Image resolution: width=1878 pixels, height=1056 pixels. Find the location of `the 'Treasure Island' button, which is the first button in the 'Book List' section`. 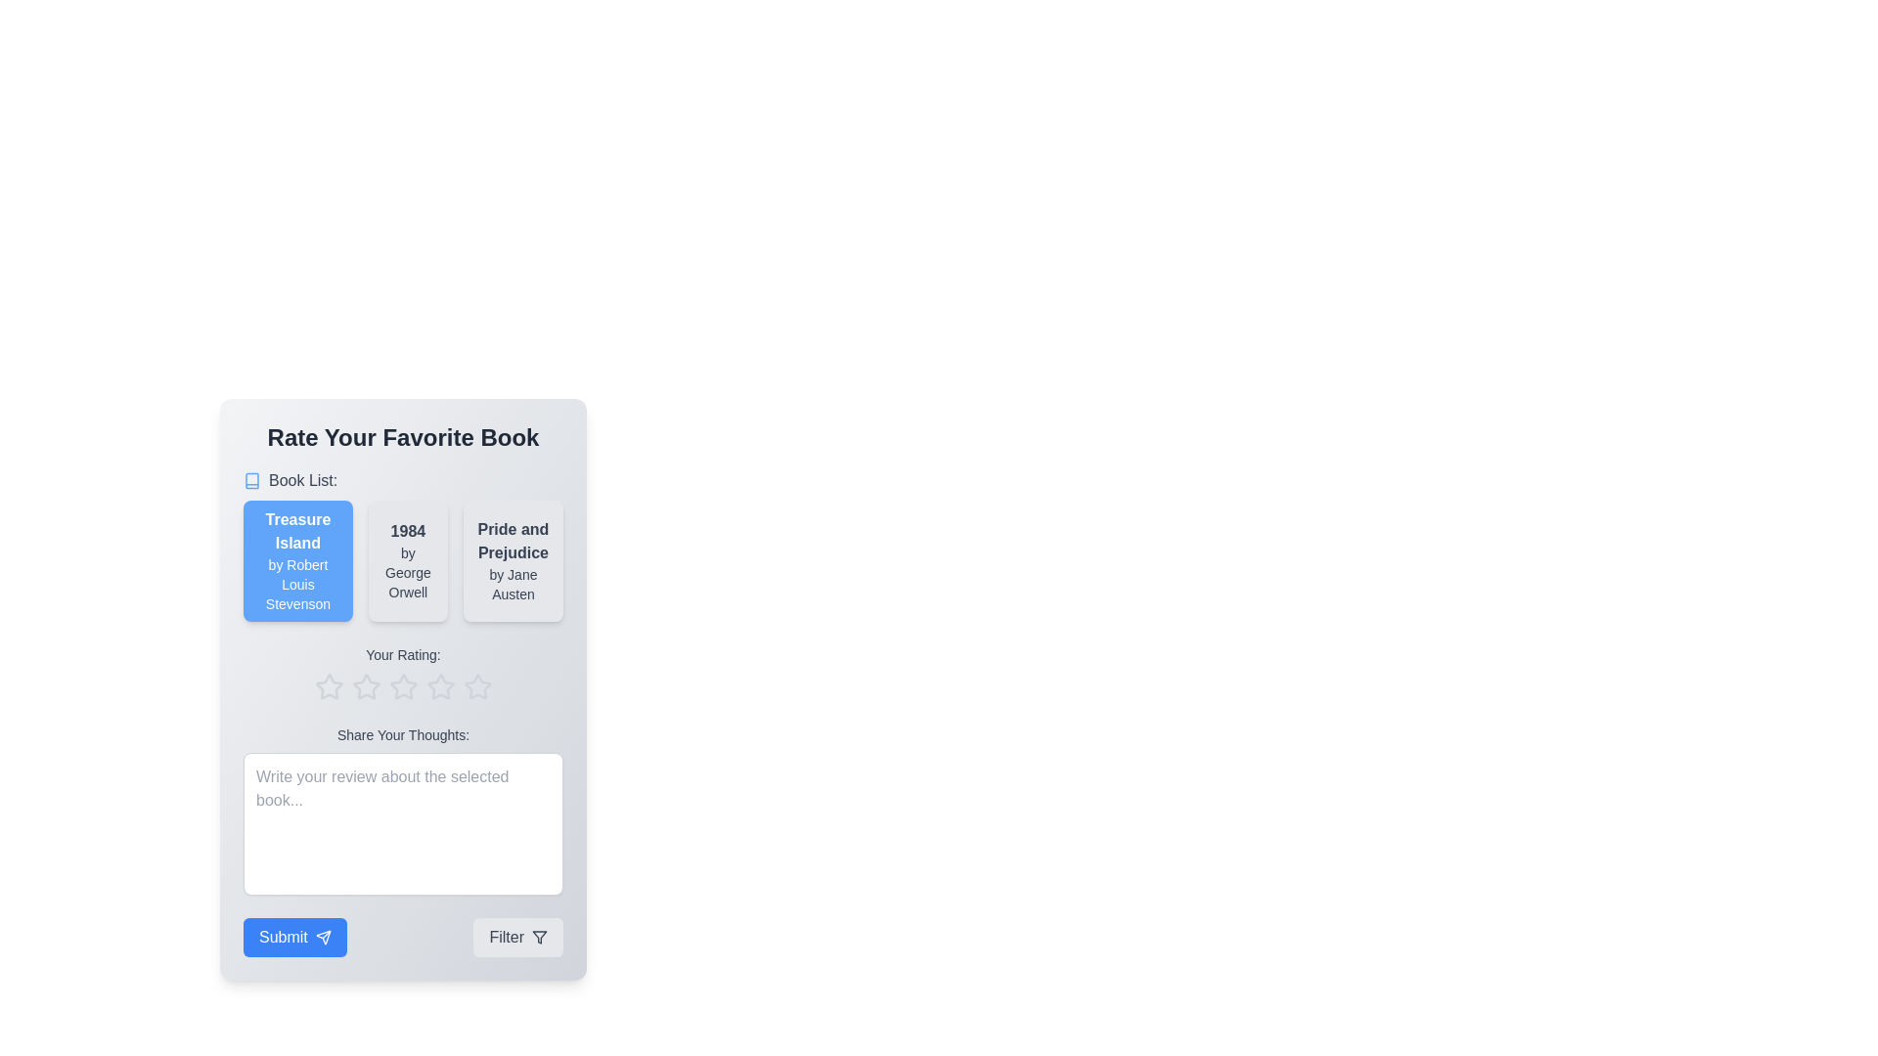

the 'Treasure Island' button, which is the first button in the 'Book List' section is located at coordinates (296, 561).